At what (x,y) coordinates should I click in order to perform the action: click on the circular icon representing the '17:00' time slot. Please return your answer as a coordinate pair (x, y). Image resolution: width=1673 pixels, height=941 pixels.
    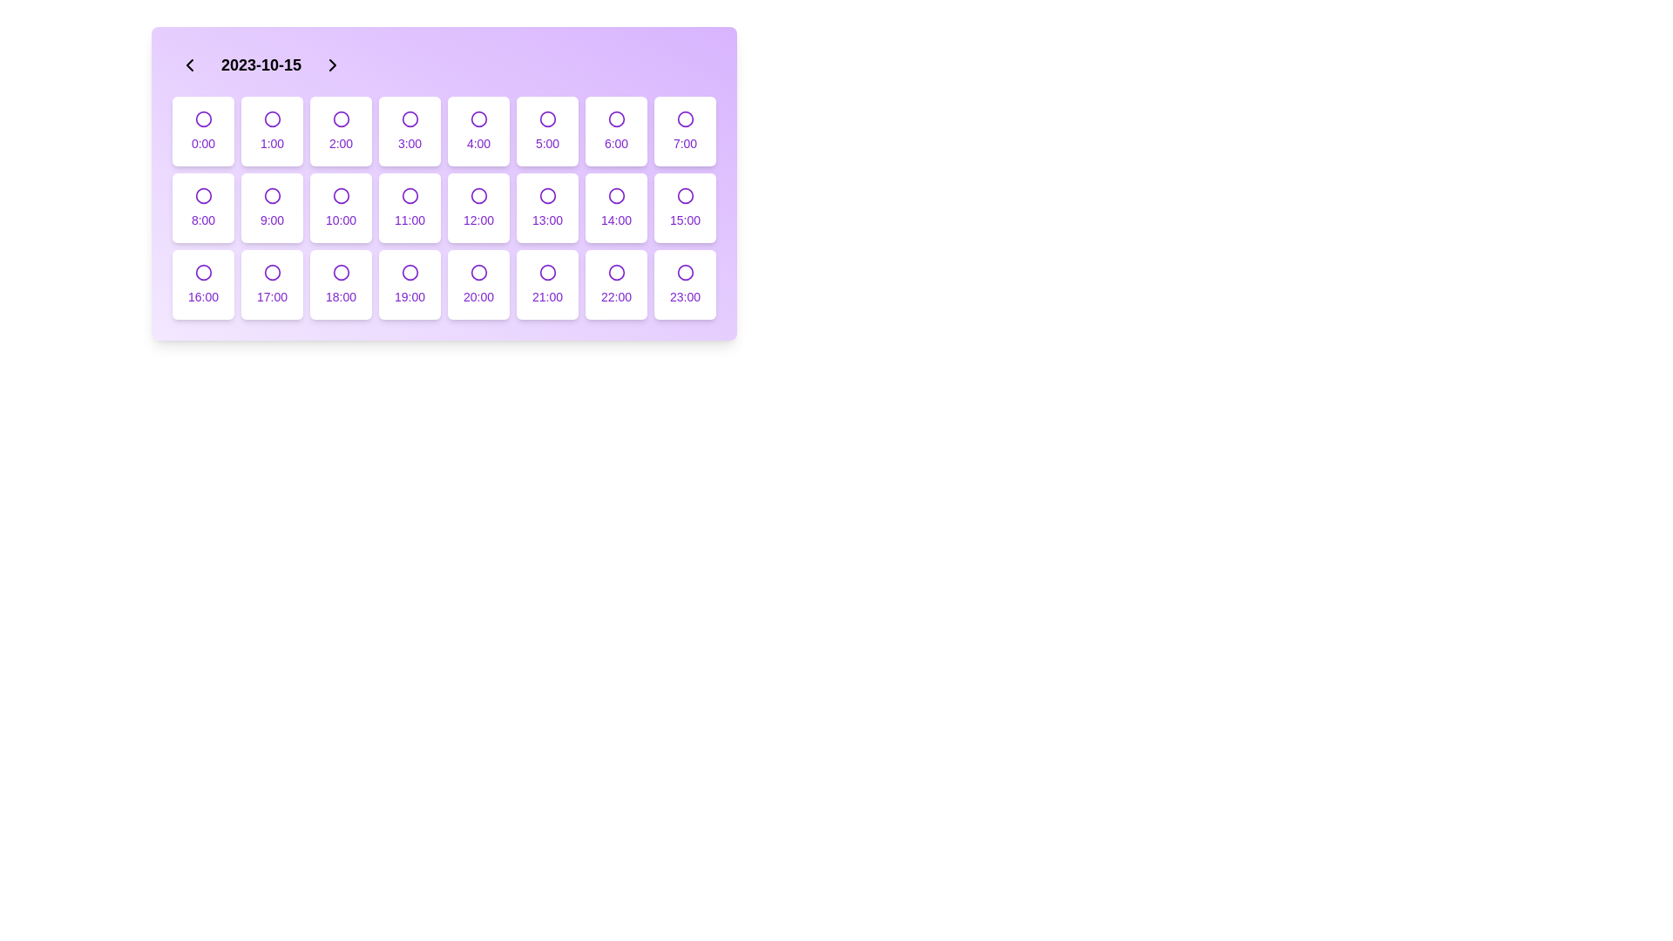
    Looking at the image, I should click on (271, 272).